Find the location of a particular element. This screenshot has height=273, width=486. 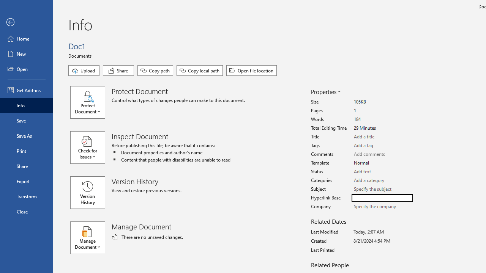

'Pages' is located at coordinates (382, 111).